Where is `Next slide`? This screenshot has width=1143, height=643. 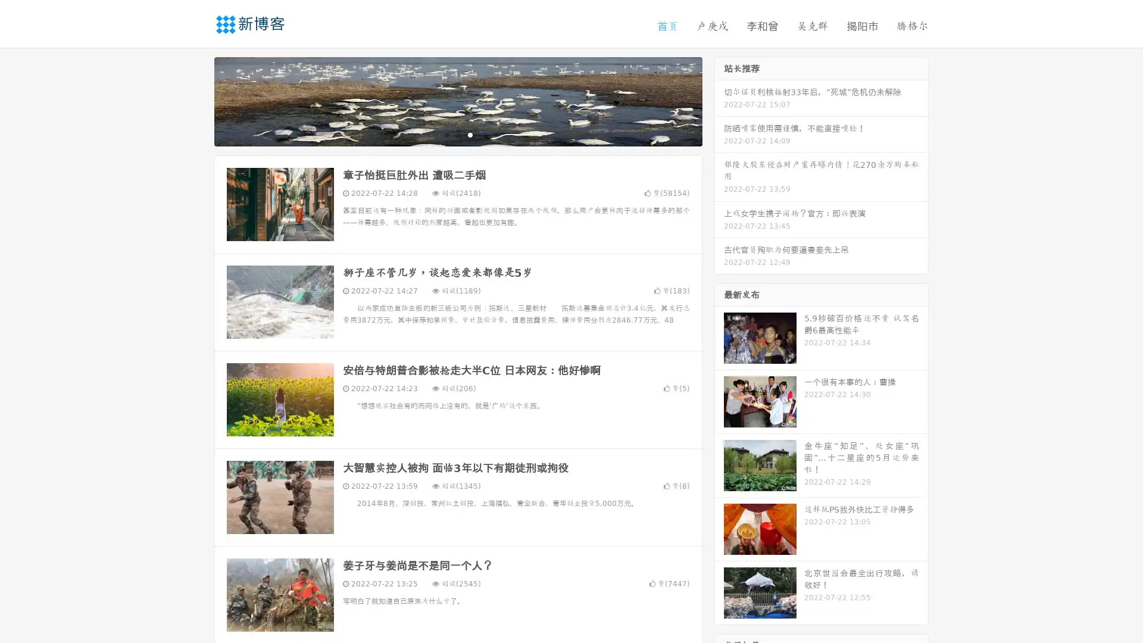 Next slide is located at coordinates (719, 100).